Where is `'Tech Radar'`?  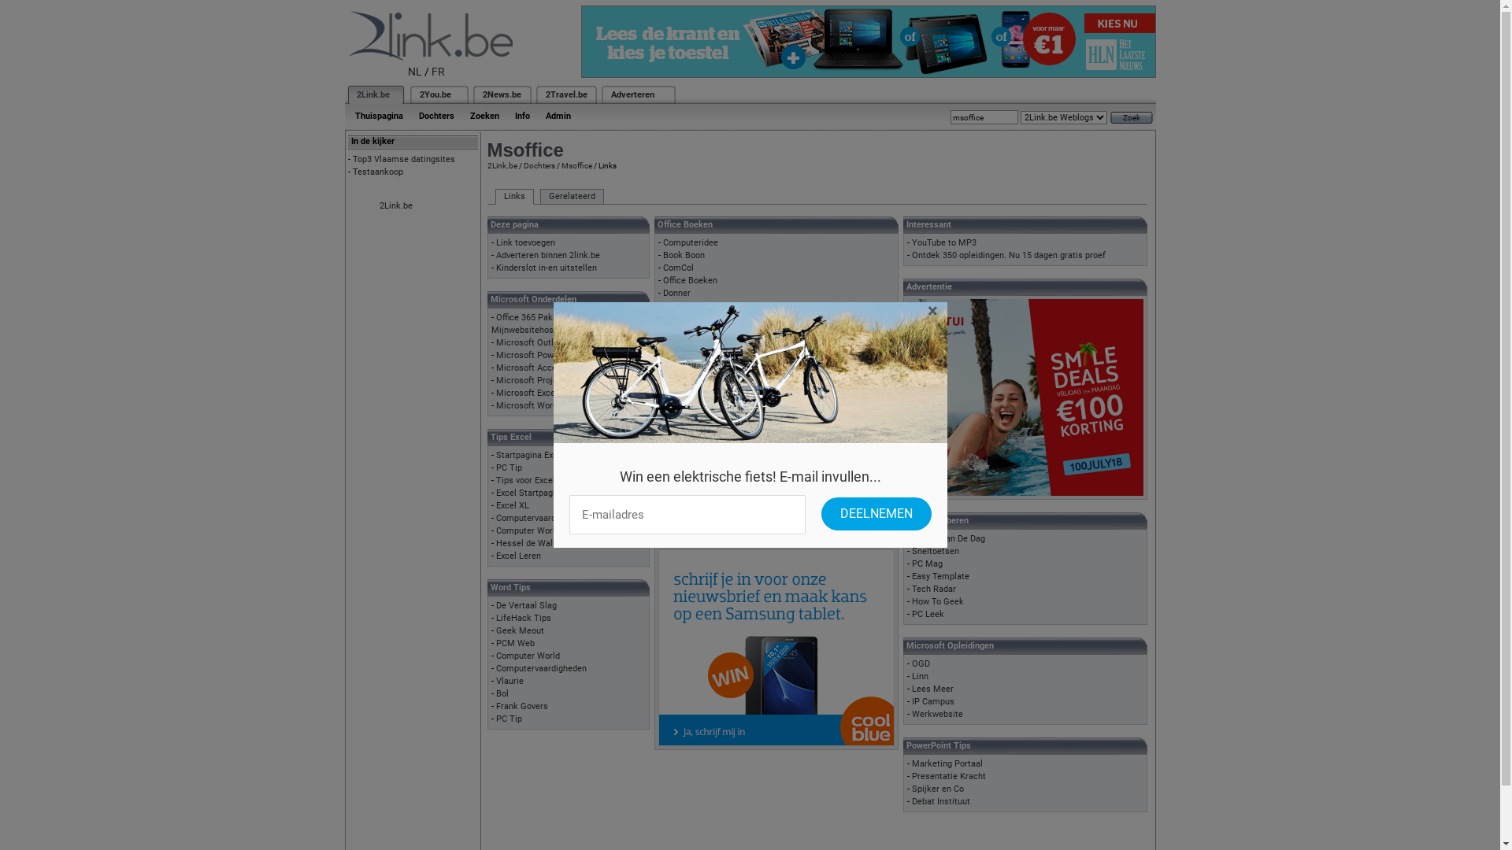
'Tech Radar' is located at coordinates (933, 589).